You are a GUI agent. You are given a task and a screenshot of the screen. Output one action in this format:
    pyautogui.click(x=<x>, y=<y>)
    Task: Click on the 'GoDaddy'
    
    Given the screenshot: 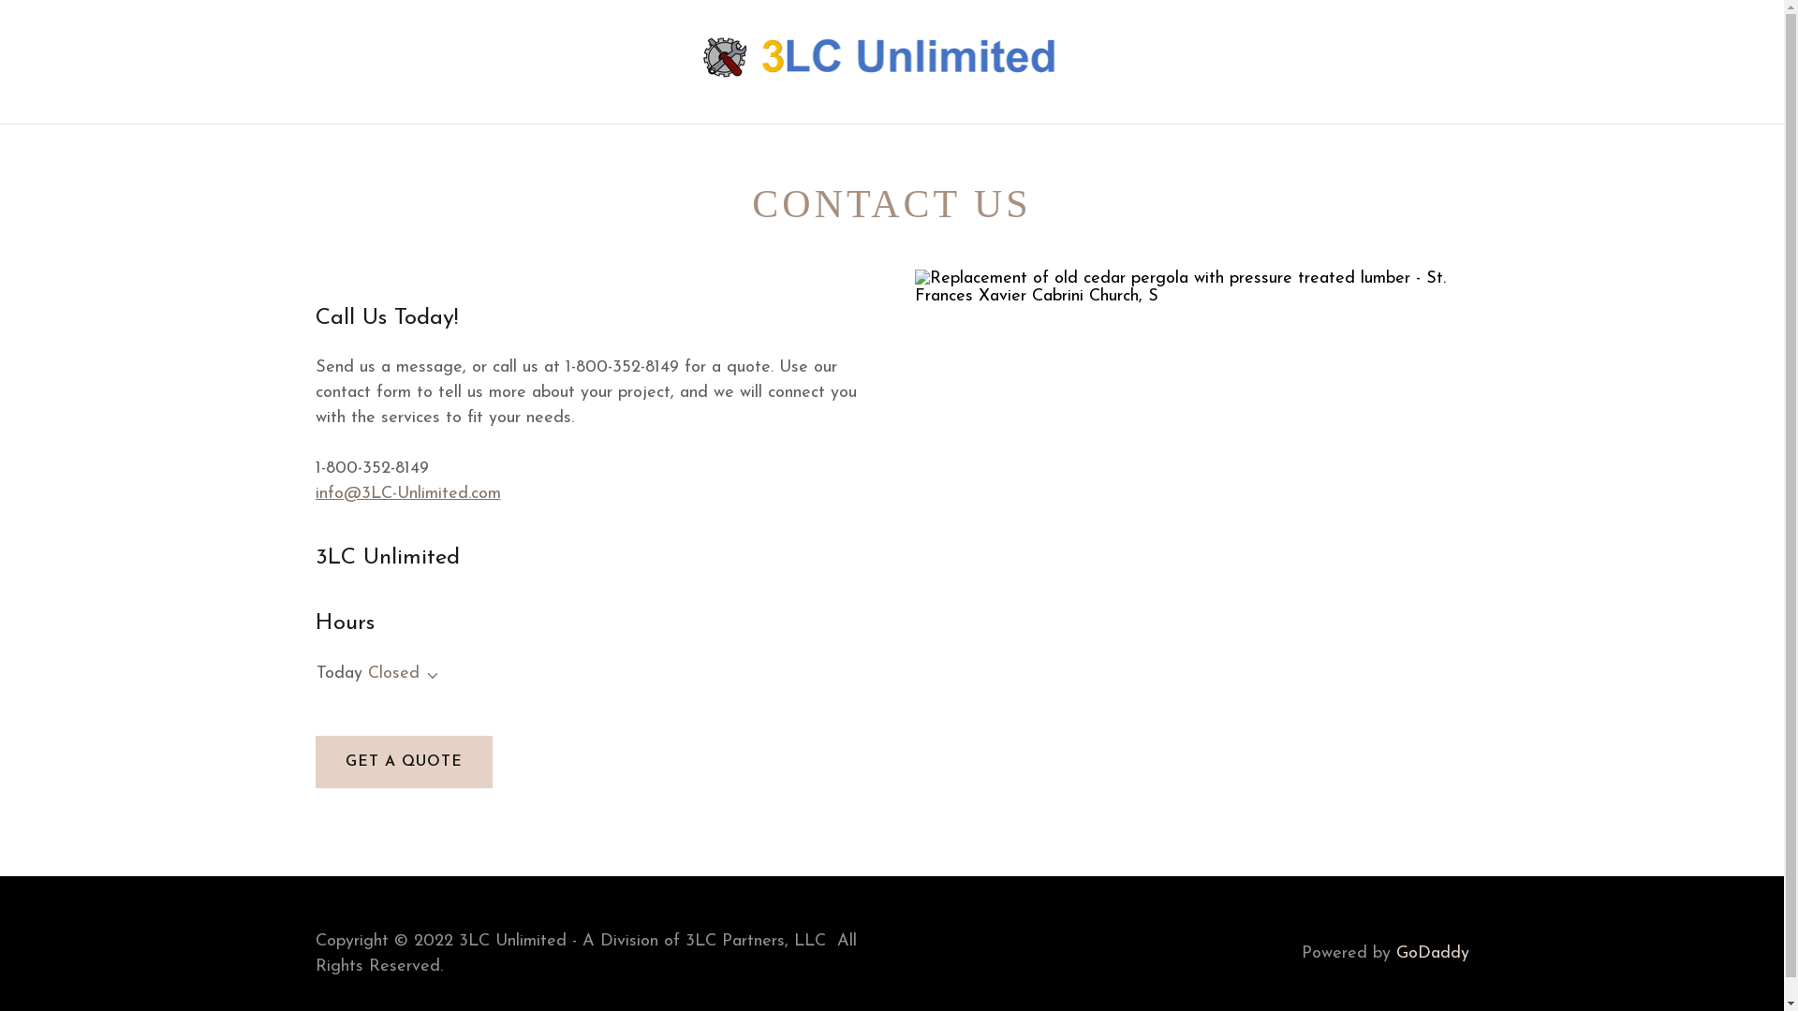 What is the action you would take?
    pyautogui.click(x=1394, y=953)
    